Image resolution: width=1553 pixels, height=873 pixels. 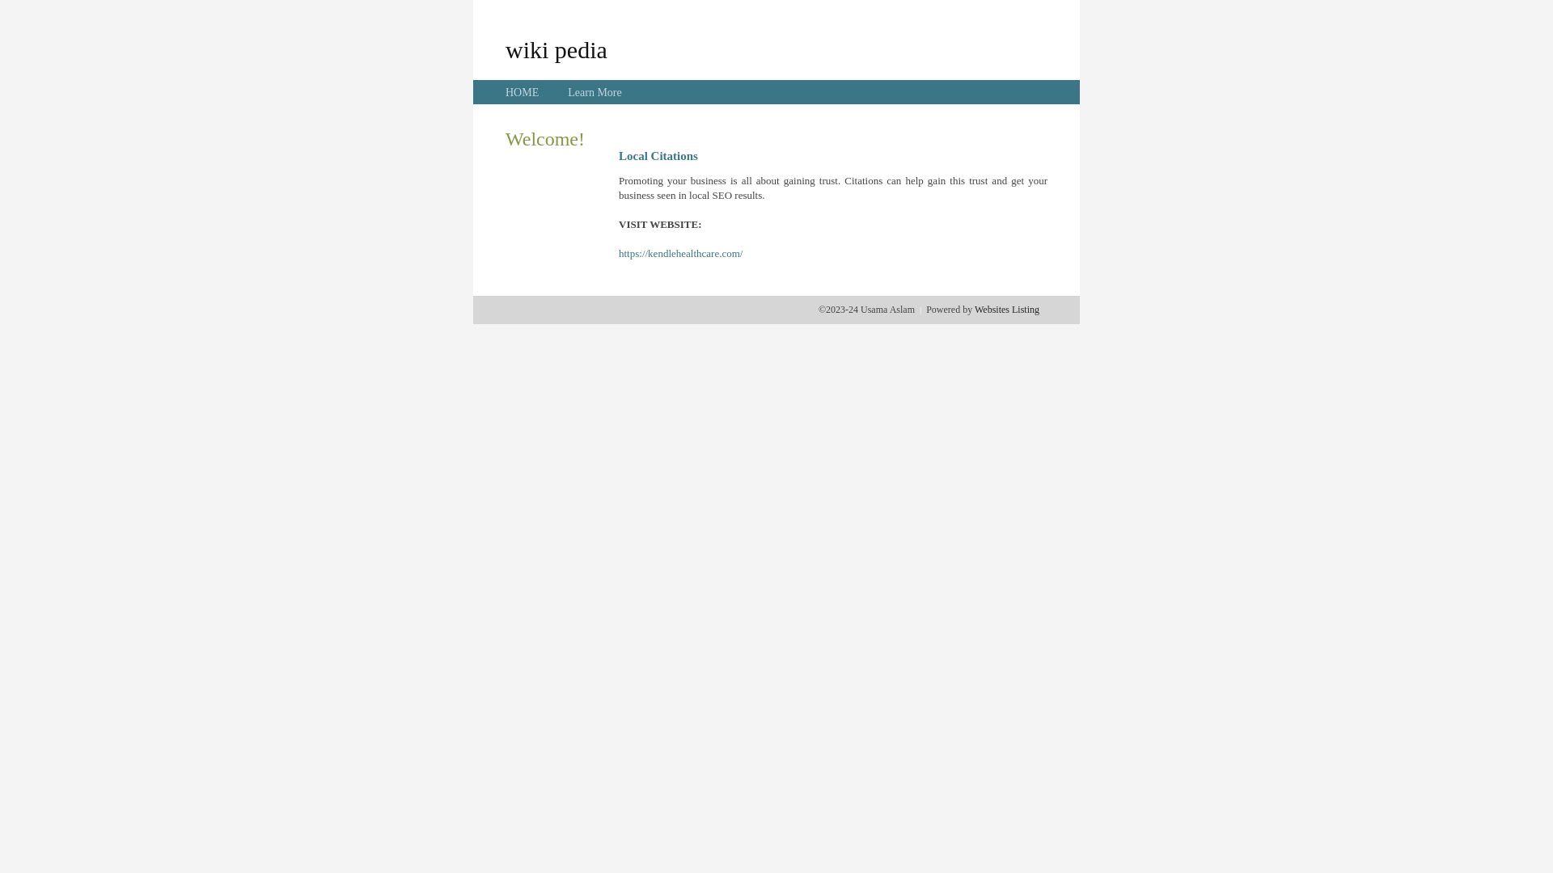 What do you see at coordinates (593, 92) in the screenshot?
I see `'Learn More'` at bounding box center [593, 92].